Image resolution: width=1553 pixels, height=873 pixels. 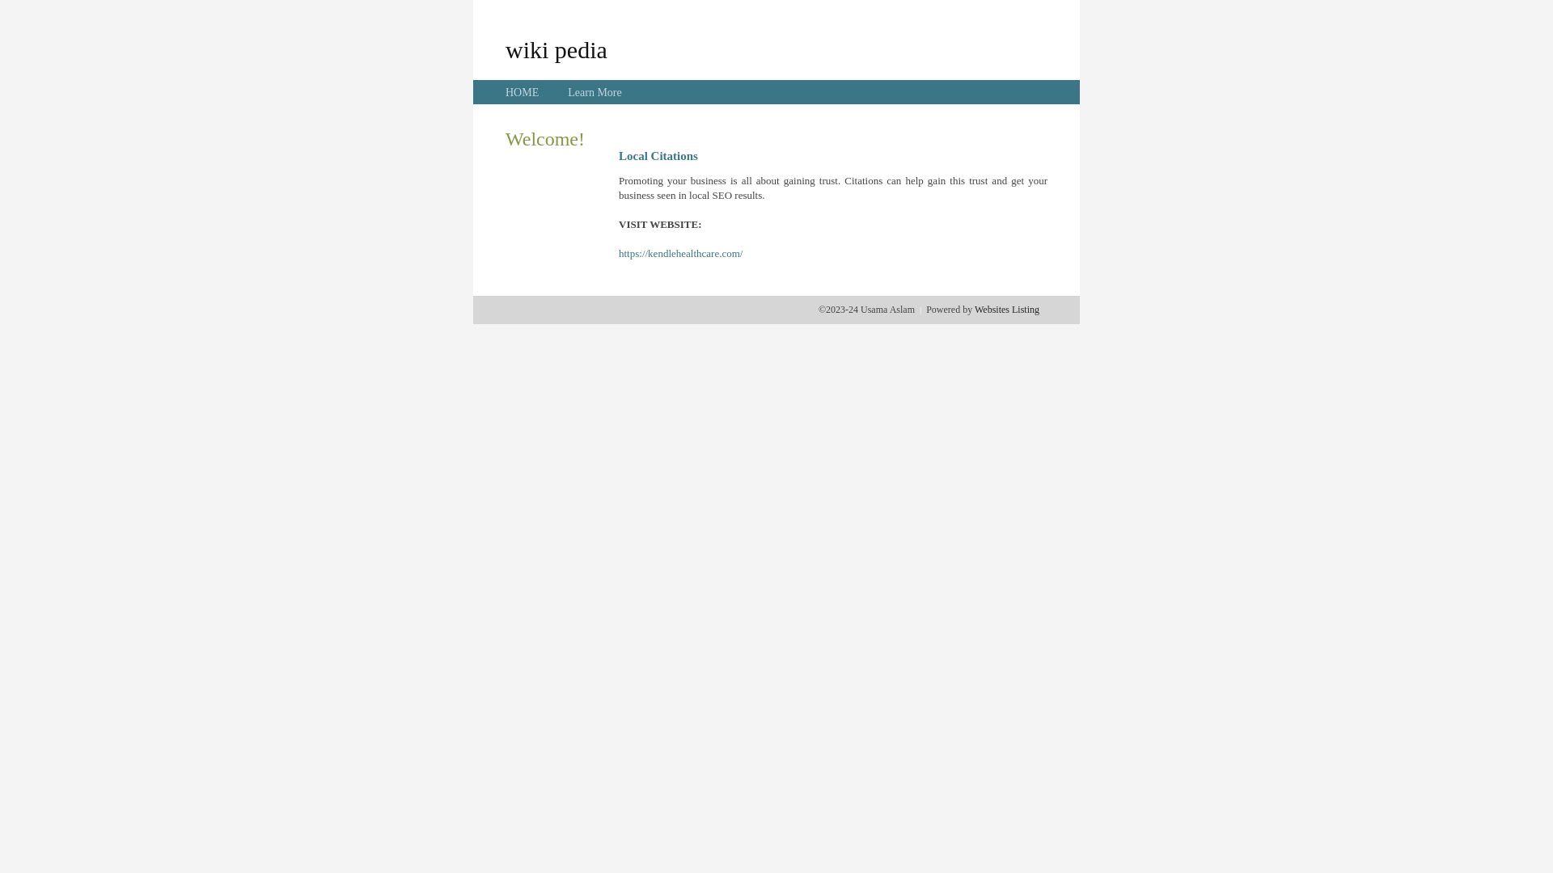 What do you see at coordinates (593, 92) in the screenshot?
I see `'Learn More'` at bounding box center [593, 92].